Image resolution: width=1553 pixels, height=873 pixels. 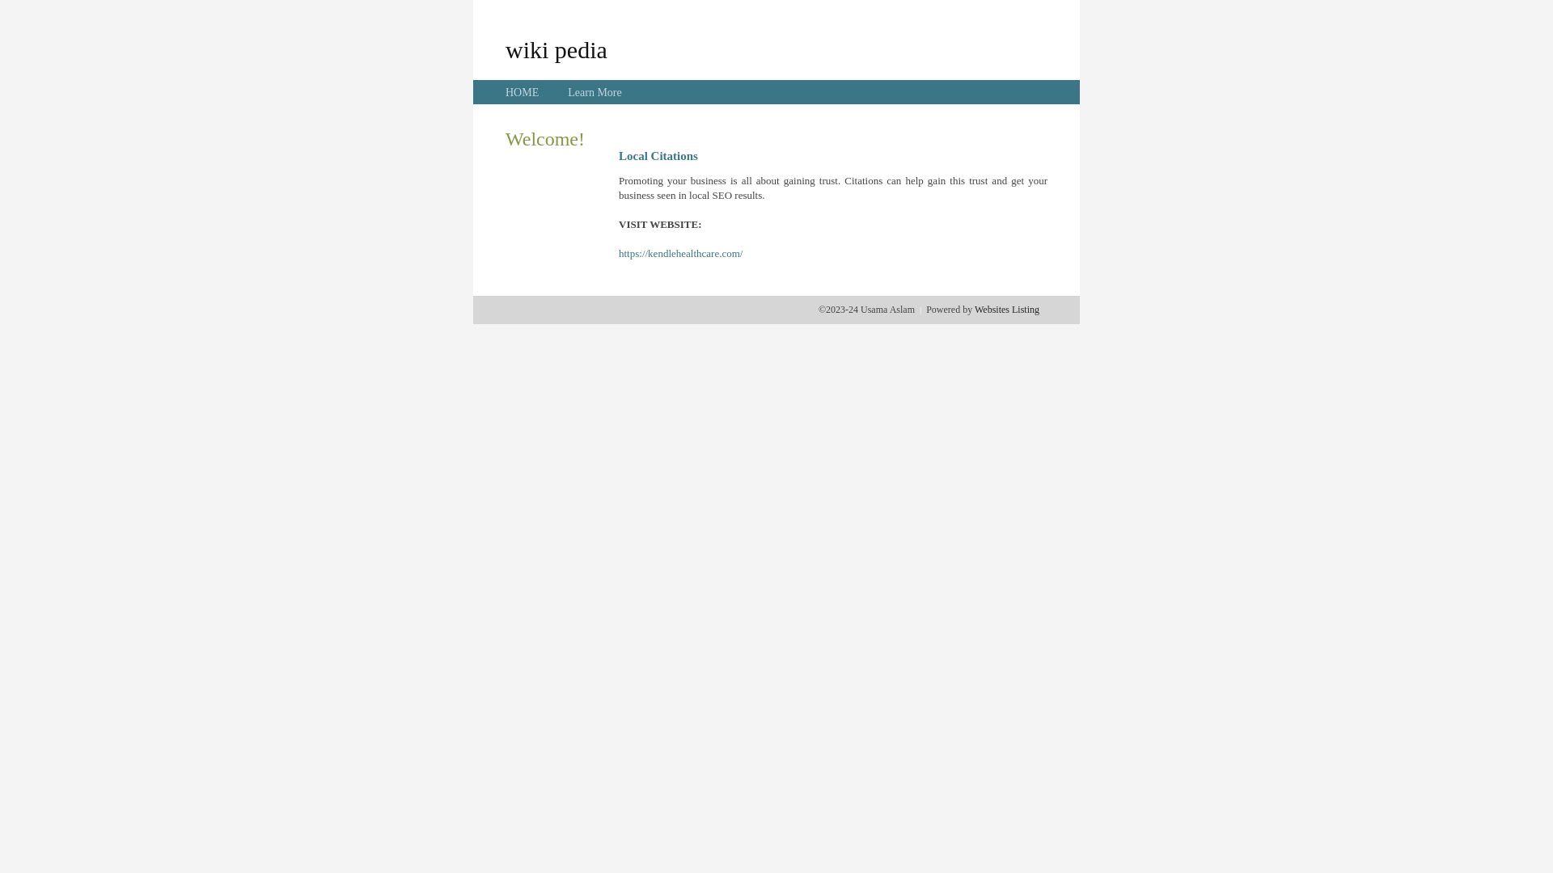 What do you see at coordinates (593, 92) in the screenshot?
I see `'Learn More'` at bounding box center [593, 92].